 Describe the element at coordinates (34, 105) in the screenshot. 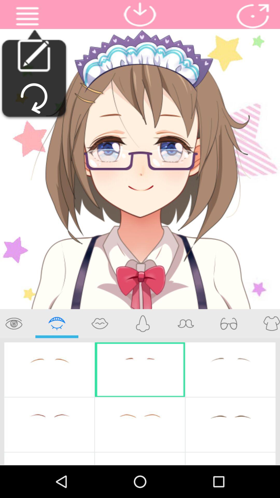

I see `the refresh icon` at that location.